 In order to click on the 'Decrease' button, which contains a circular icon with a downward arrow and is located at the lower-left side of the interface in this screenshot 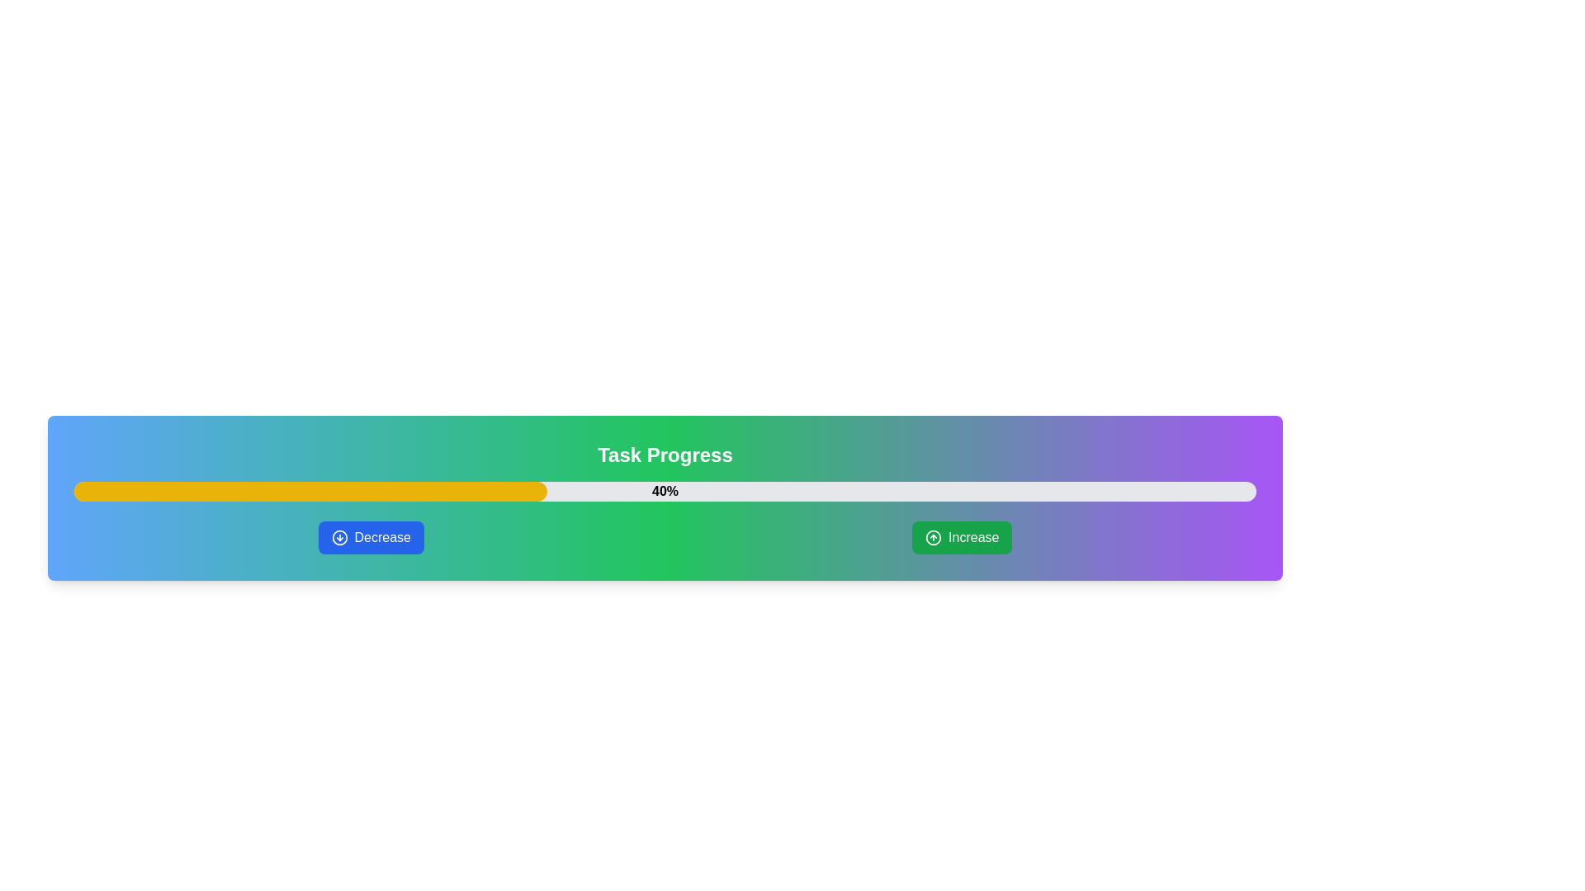, I will do `click(338, 537)`.